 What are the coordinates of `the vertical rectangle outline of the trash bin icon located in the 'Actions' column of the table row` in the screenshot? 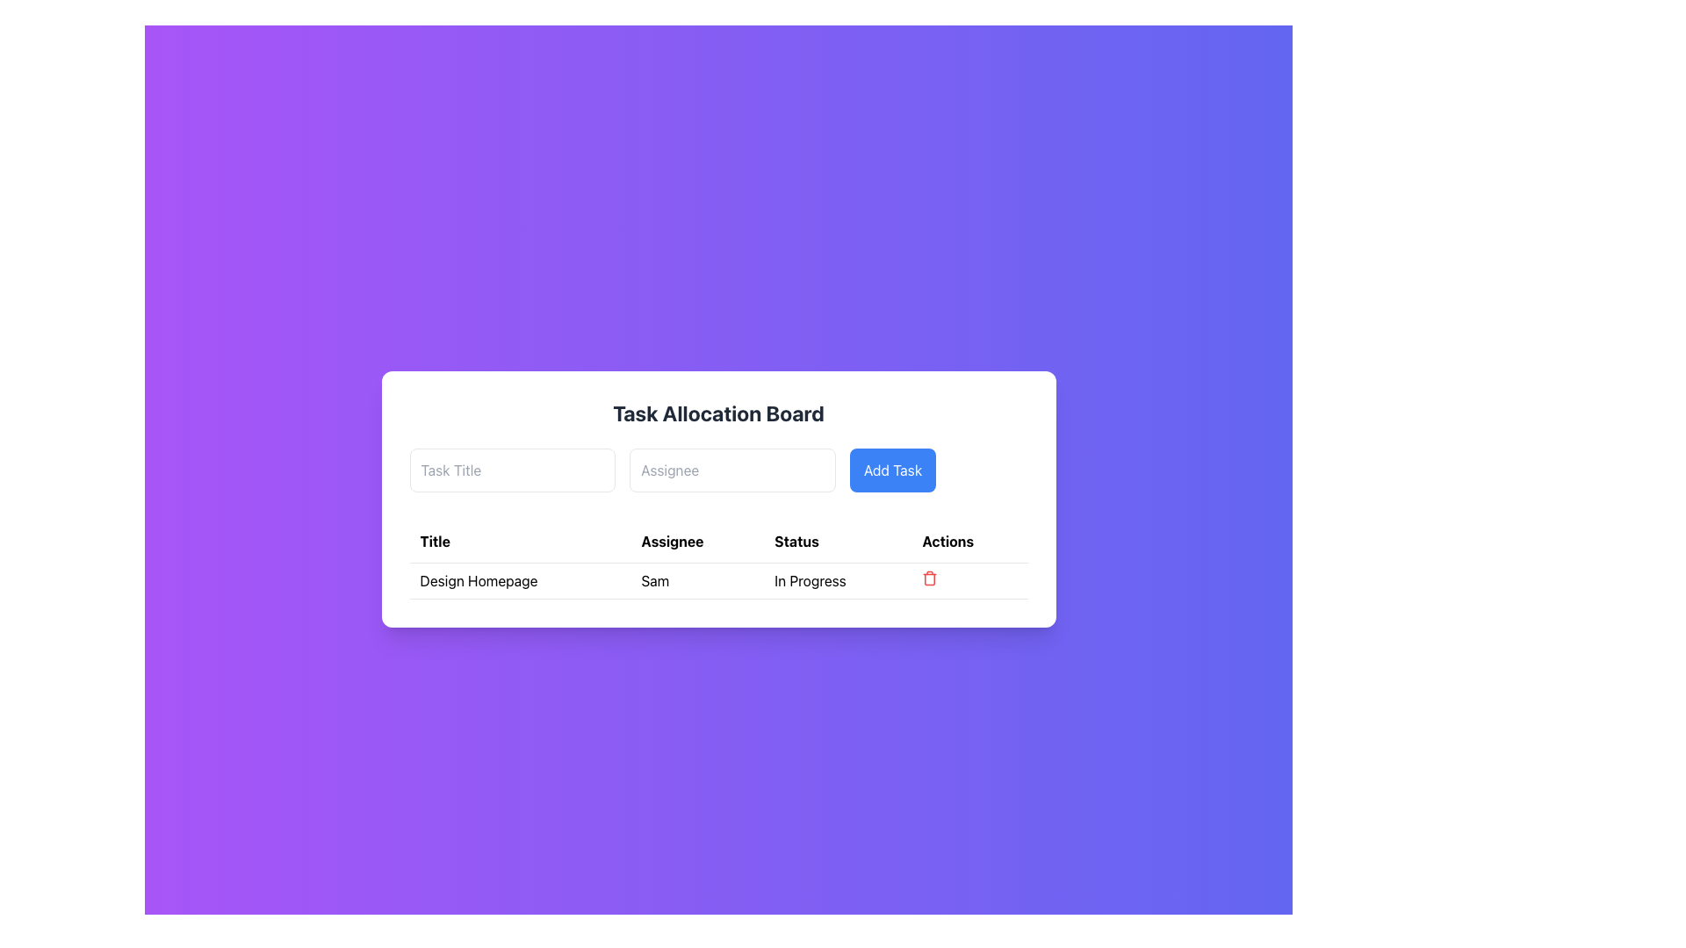 It's located at (929, 579).